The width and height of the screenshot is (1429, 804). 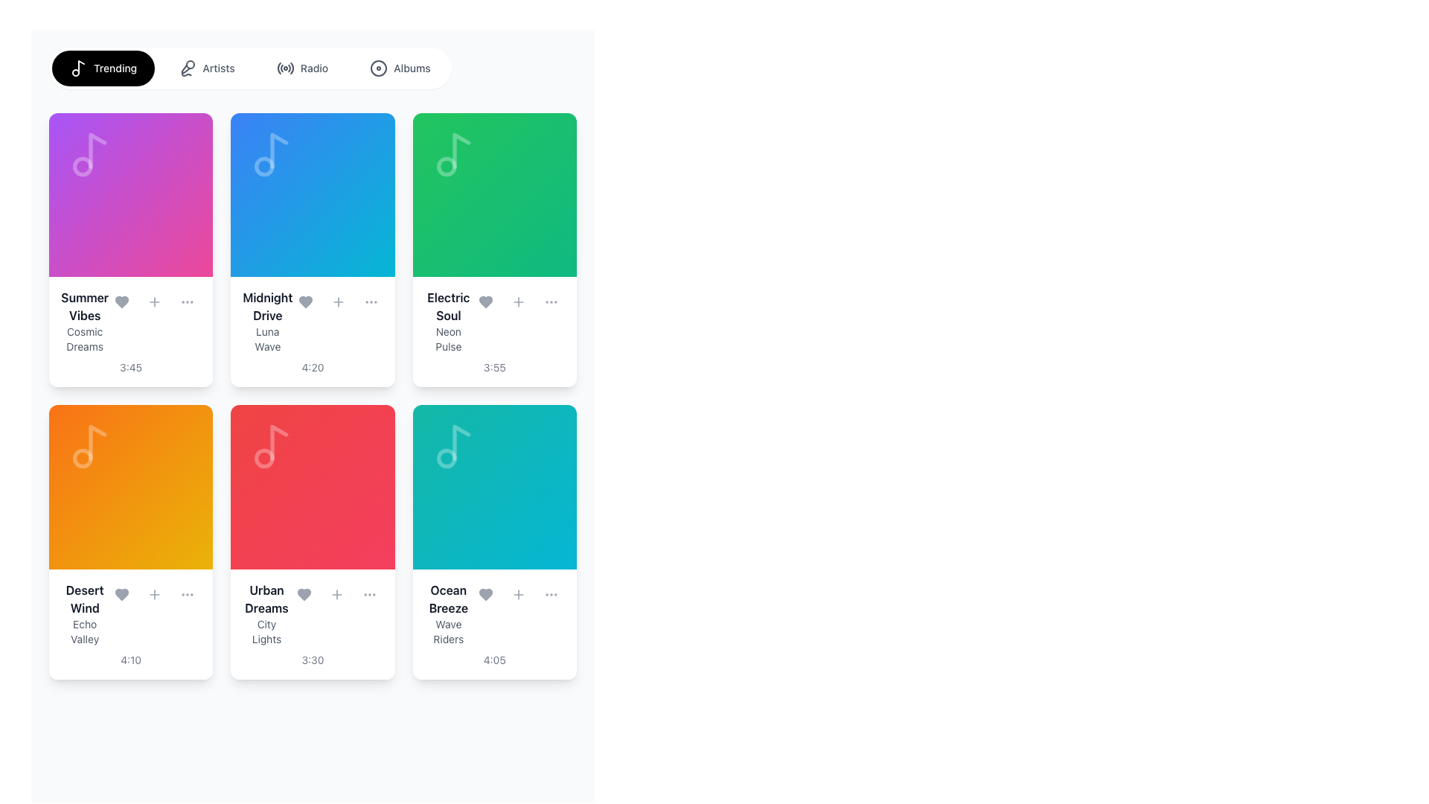 I want to click on the square visual block with a gradient background that is the upper section of the 'Electric Soul' card, located in the second row and third column of the grid layout, so click(x=494, y=194).